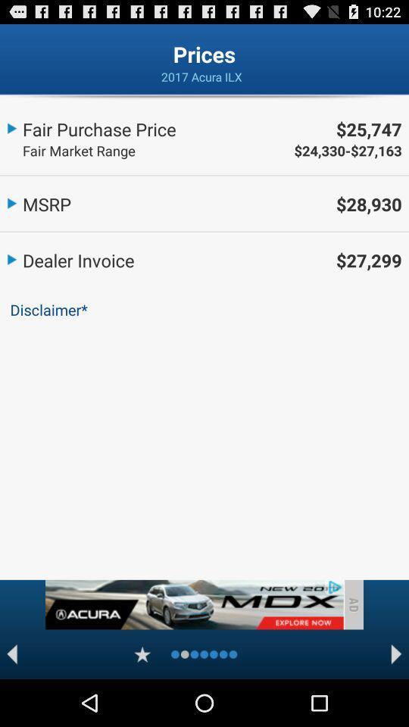  Describe the element at coordinates (142, 700) in the screenshot. I see `the star icon` at that location.